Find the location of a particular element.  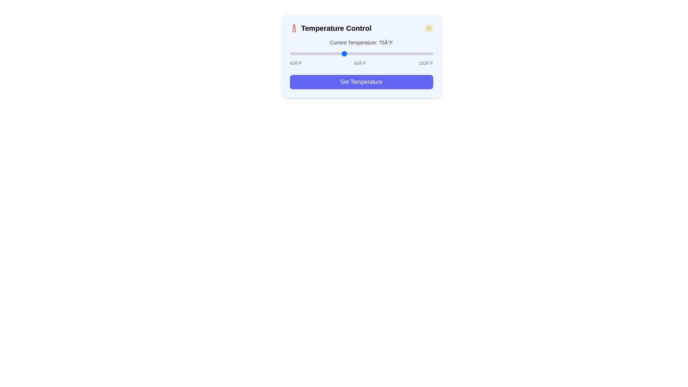

the temperature is located at coordinates (343, 53).